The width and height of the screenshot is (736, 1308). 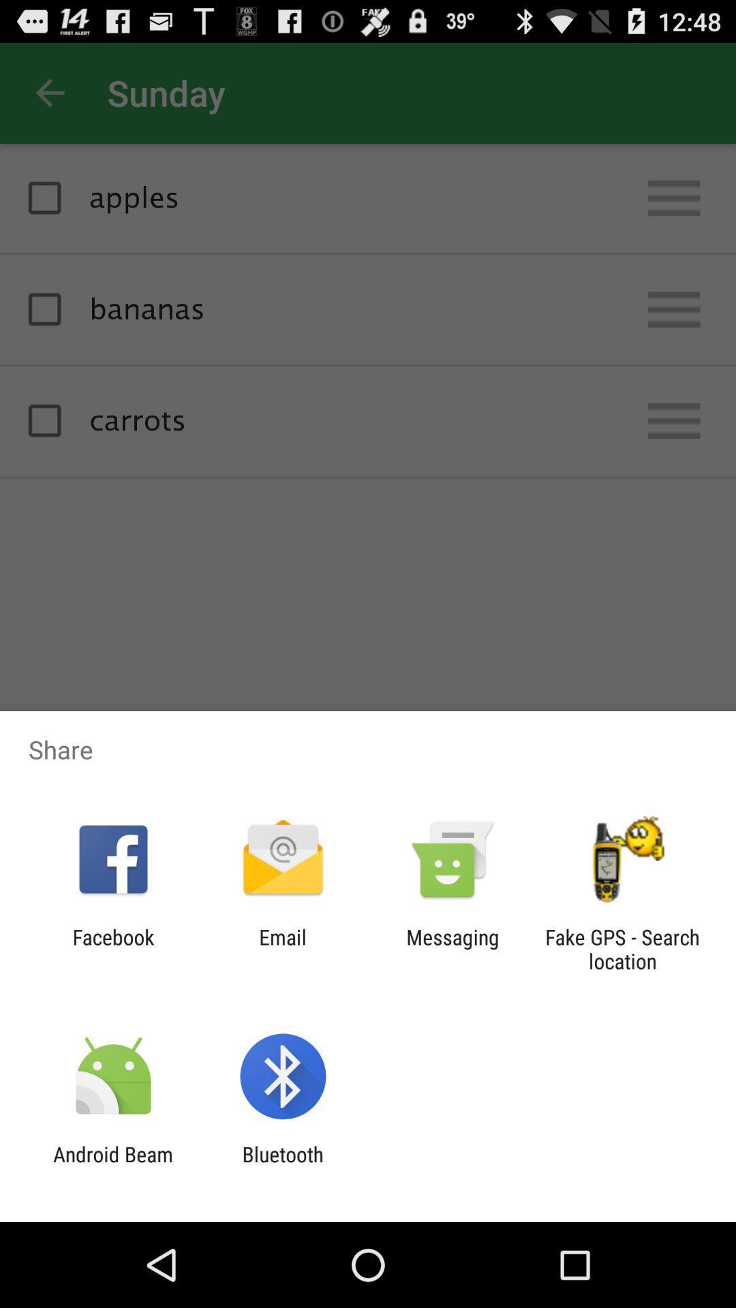 What do you see at coordinates (282, 1166) in the screenshot?
I see `item to the right of android beam icon` at bounding box center [282, 1166].